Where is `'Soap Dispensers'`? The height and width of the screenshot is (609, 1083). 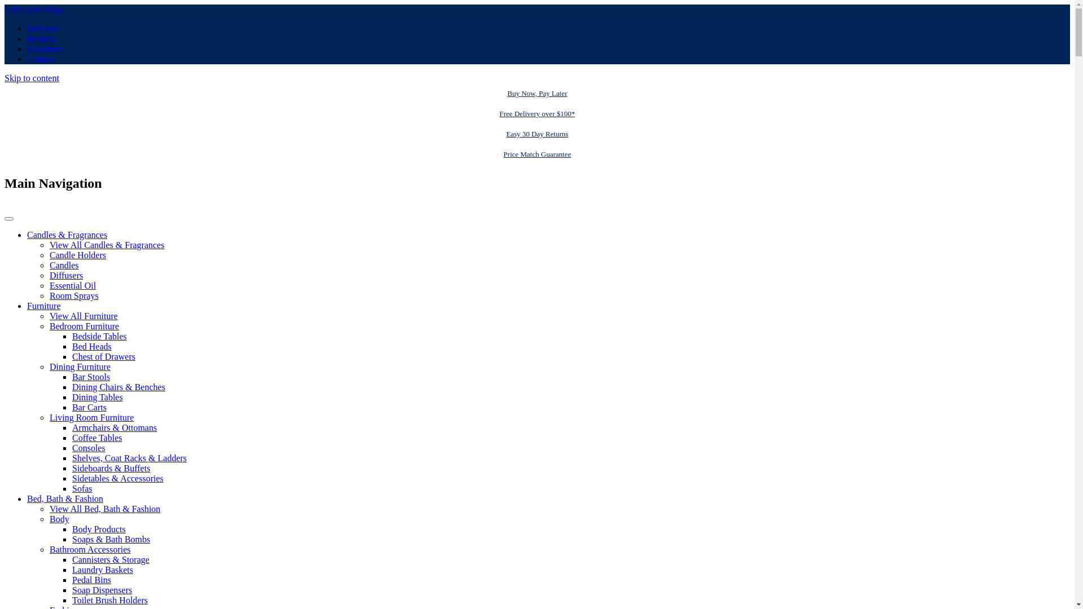 'Soap Dispensers' is located at coordinates (102, 589).